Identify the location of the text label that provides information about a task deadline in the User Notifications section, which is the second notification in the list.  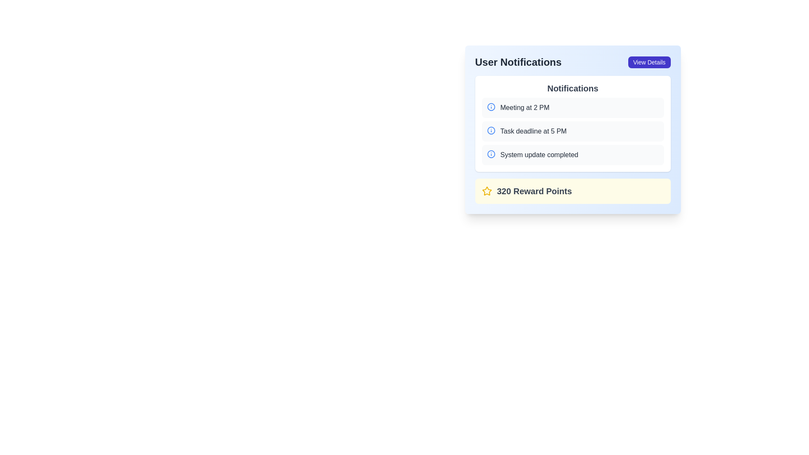
(533, 131).